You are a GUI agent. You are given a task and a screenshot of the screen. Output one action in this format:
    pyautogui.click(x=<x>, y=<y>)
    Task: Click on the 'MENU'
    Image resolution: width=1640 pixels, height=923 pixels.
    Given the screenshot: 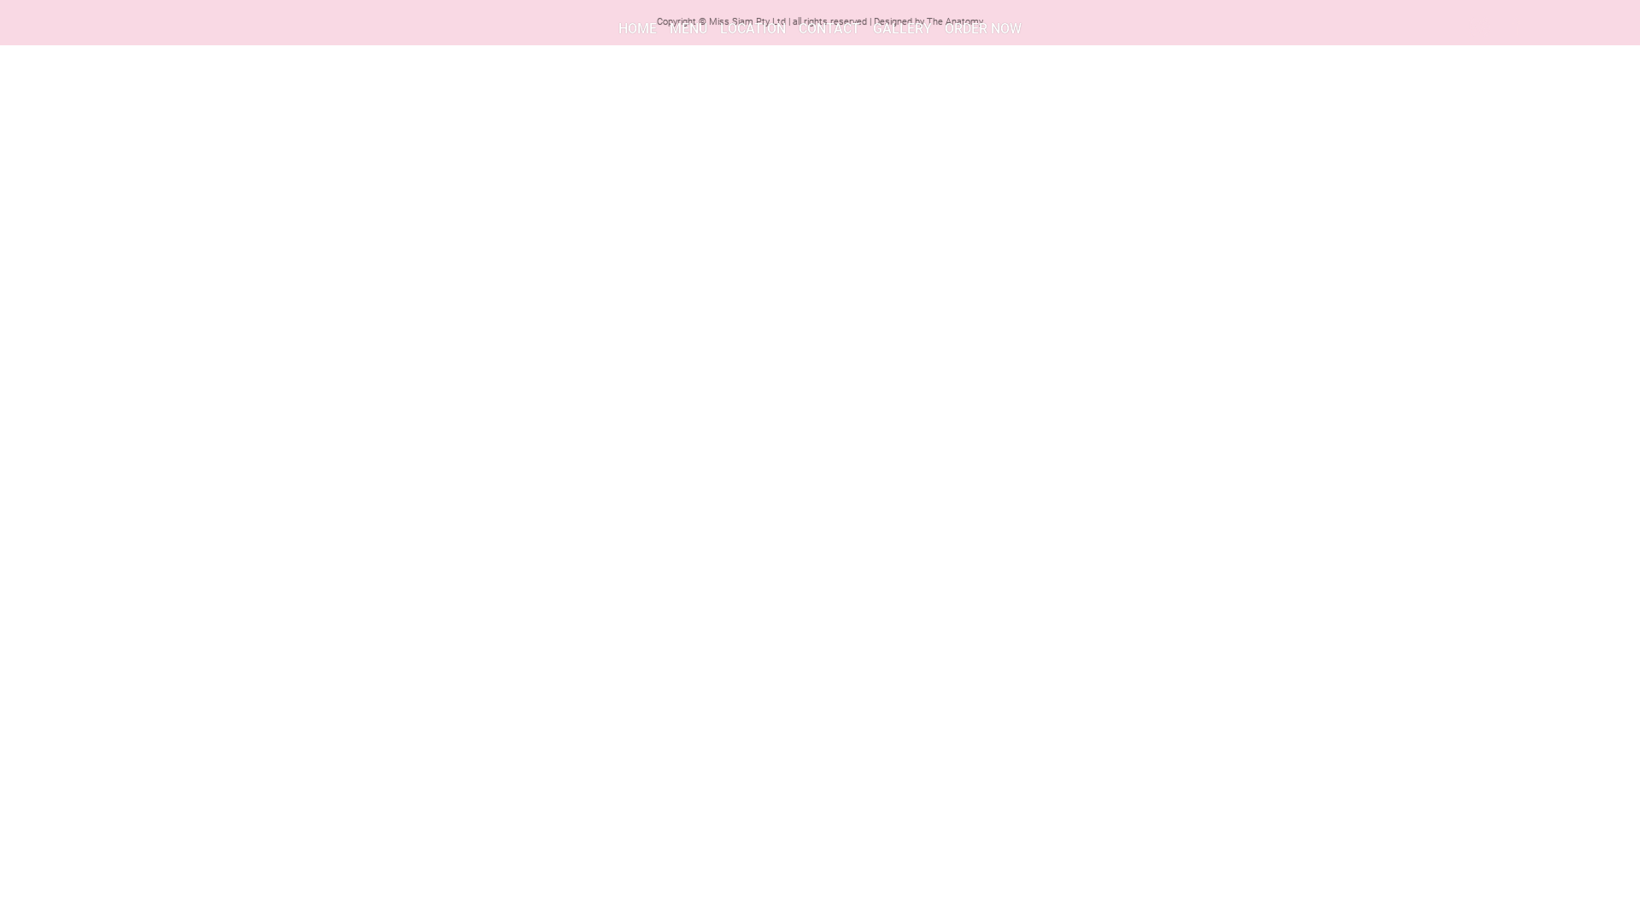 What is the action you would take?
    pyautogui.click(x=688, y=28)
    